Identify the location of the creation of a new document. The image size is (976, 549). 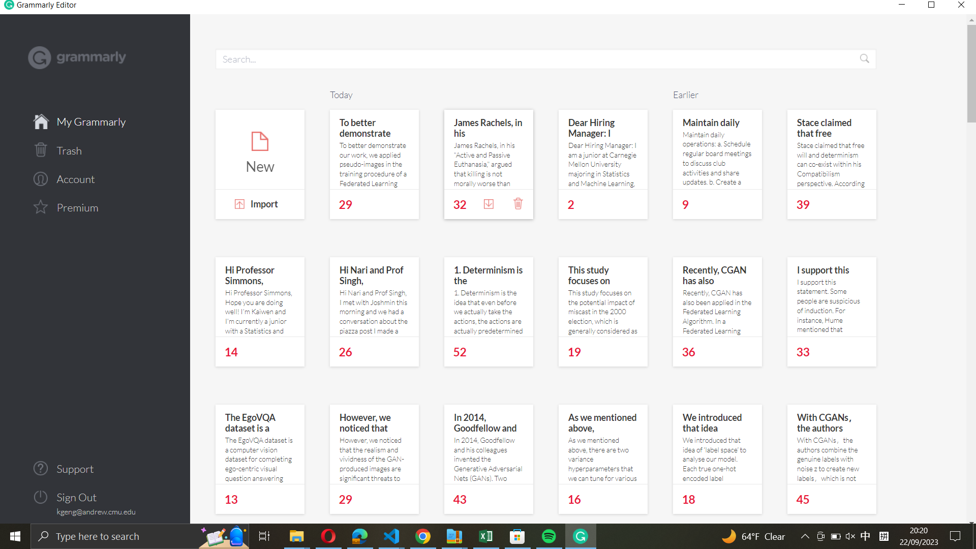
(260, 150).